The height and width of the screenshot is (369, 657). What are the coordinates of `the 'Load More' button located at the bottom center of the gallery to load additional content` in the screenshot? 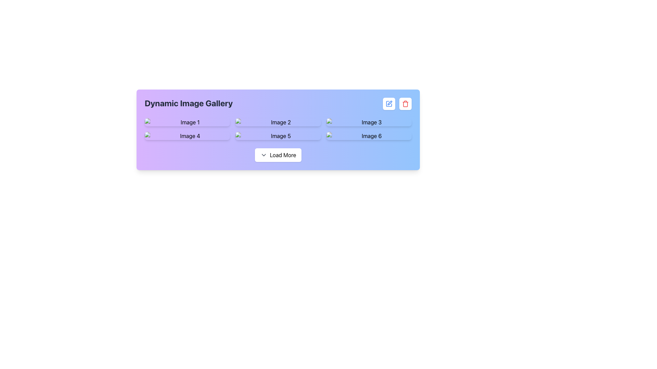 It's located at (278, 155).